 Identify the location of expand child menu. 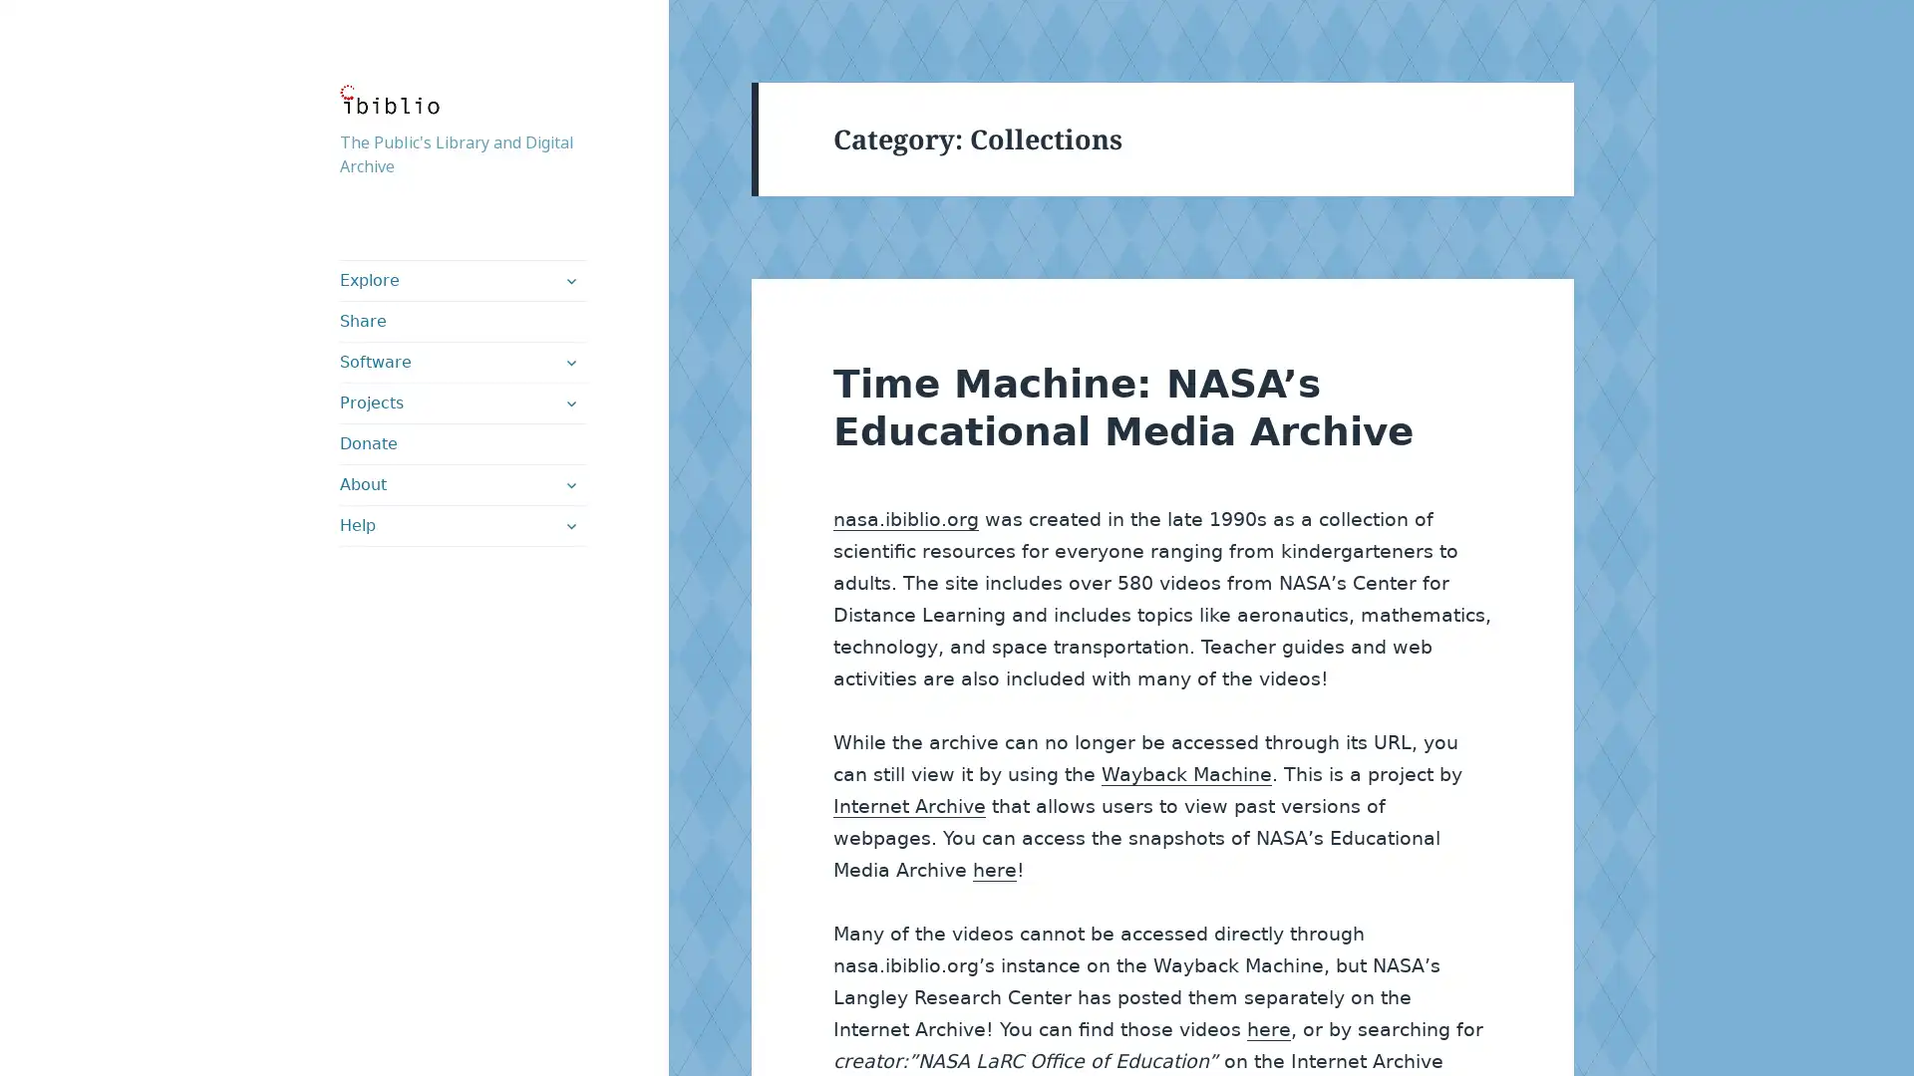
(568, 403).